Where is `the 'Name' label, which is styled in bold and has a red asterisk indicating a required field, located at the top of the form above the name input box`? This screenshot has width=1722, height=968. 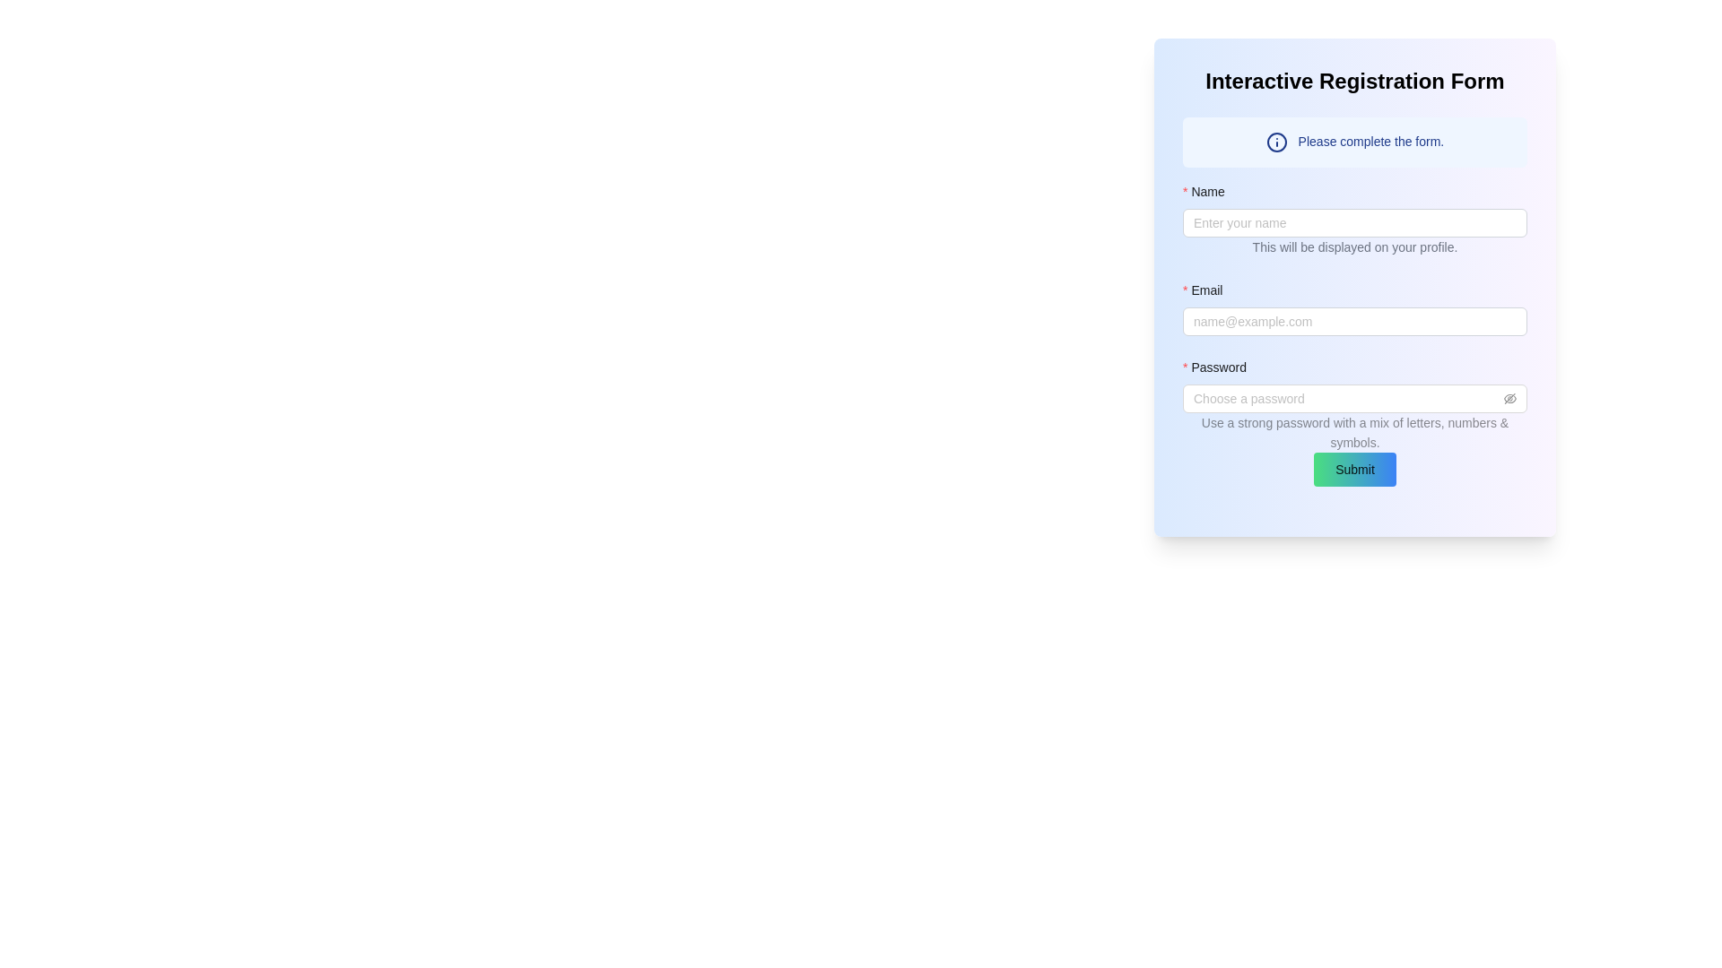
the 'Name' label, which is styled in bold and has a red asterisk indicating a required field, located at the top of the form above the name input box is located at coordinates (1355, 195).